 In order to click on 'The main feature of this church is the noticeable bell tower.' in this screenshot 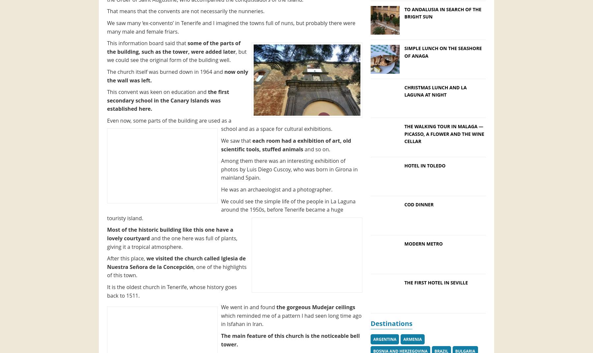, I will do `click(290, 340)`.